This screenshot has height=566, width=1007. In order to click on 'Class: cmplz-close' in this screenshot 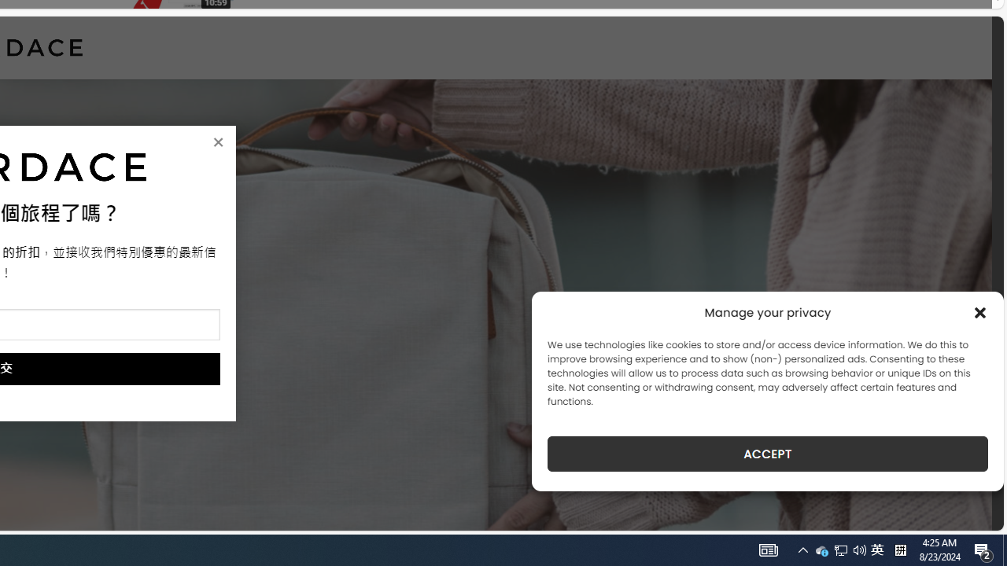, I will do `click(979, 313)`.